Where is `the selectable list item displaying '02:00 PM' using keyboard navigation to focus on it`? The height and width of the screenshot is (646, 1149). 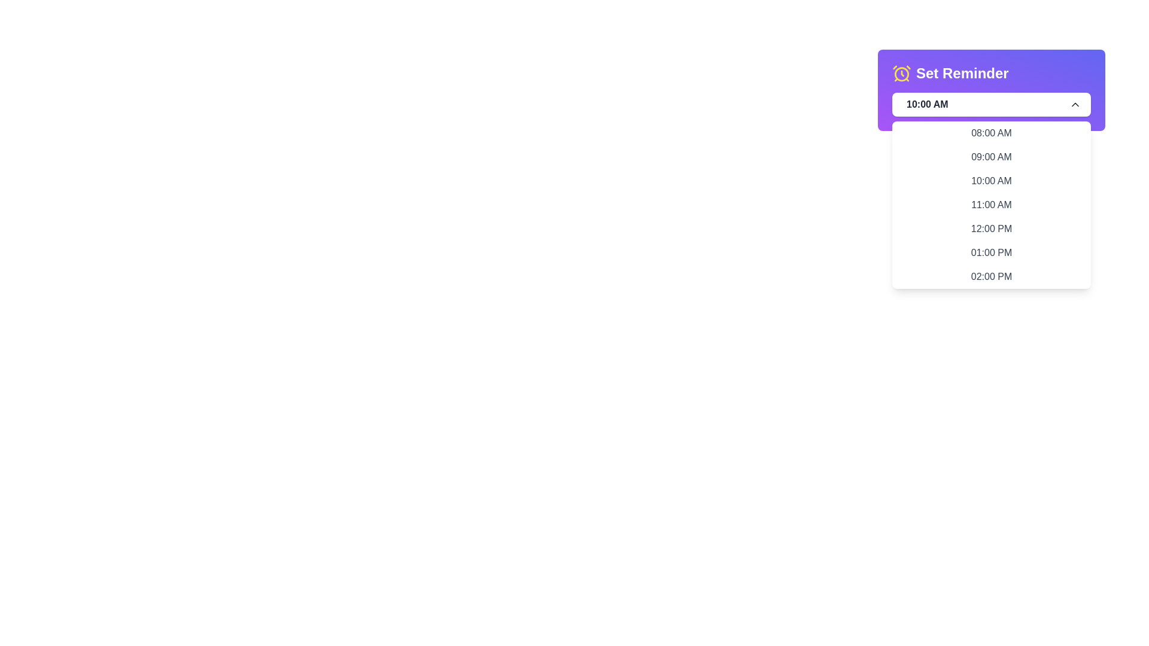 the selectable list item displaying '02:00 PM' using keyboard navigation to focus on it is located at coordinates (991, 276).